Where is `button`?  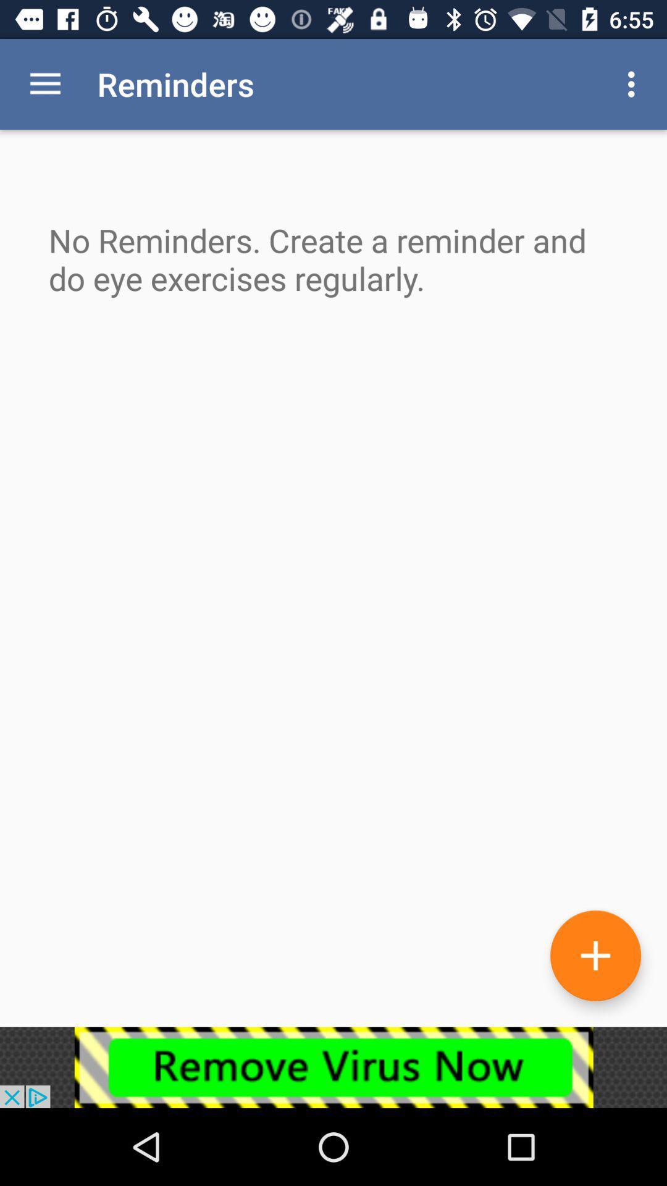 button is located at coordinates (595, 955).